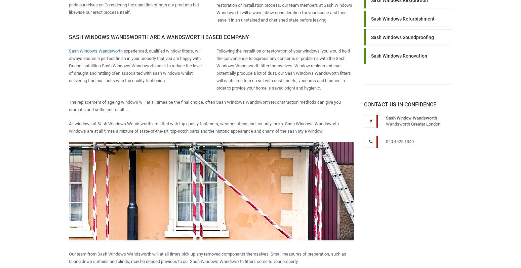 The width and height of the screenshot is (521, 268). What do you see at coordinates (399, 141) in the screenshot?
I see `'020 4525 1340'` at bounding box center [399, 141].